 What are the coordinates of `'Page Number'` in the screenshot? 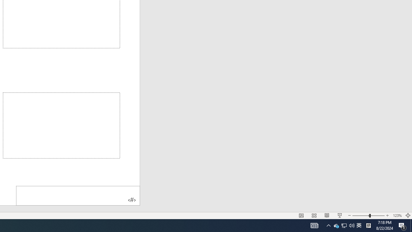 It's located at (78, 195).